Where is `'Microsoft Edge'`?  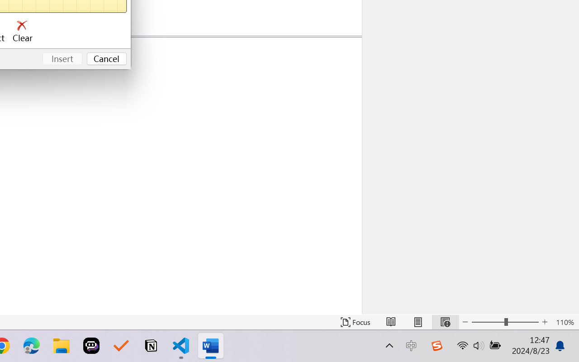 'Microsoft Edge' is located at coordinates (31, 346).